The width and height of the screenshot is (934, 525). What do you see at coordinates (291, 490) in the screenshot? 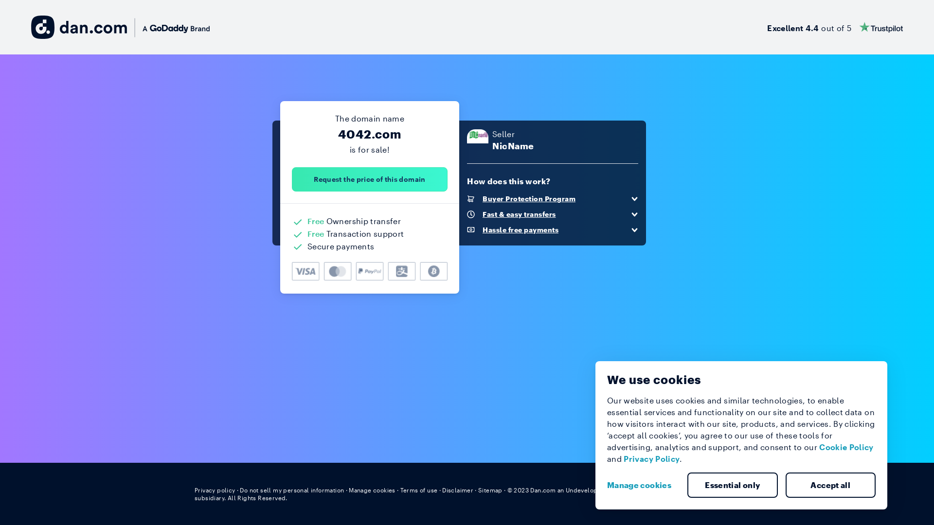
I see `'Do not sell my personal information'` at bounding box center [291, 490].